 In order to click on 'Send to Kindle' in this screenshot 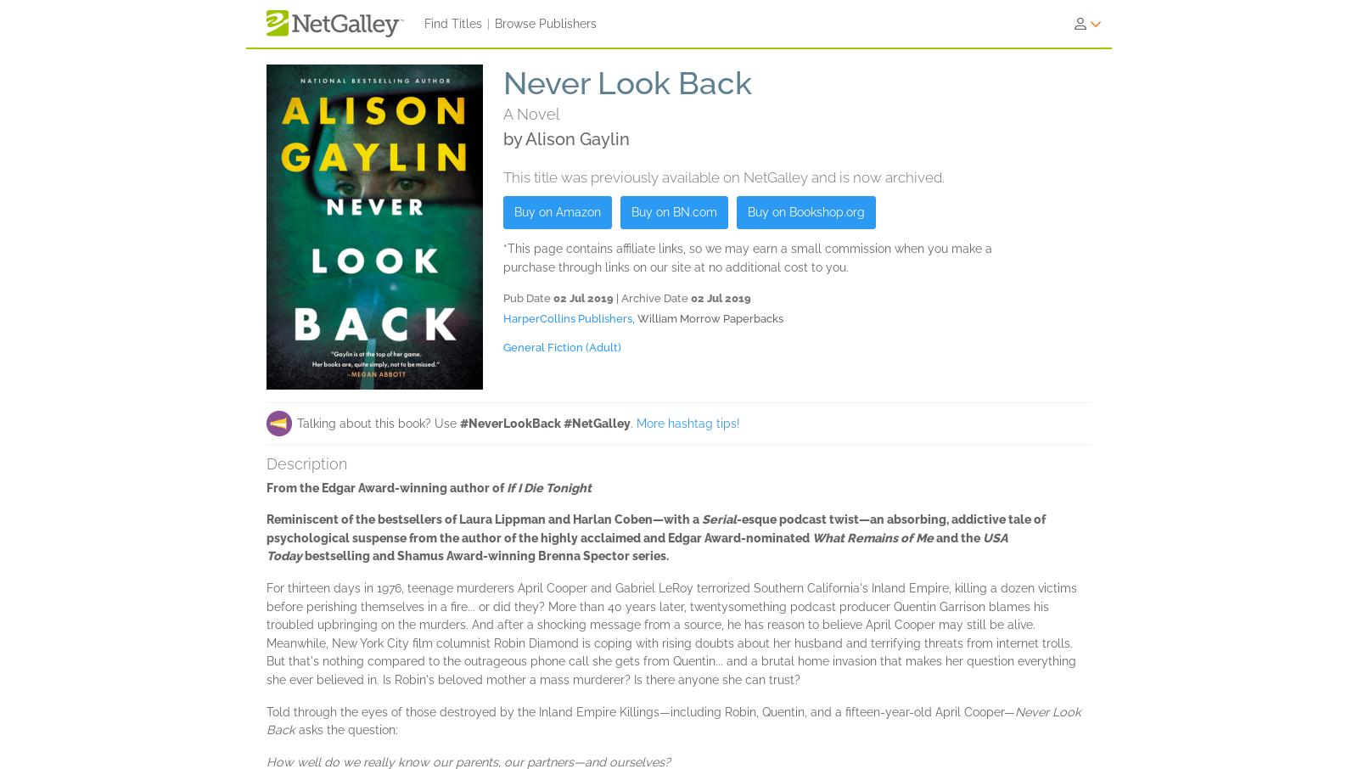, I will do `click(519, 198)`.